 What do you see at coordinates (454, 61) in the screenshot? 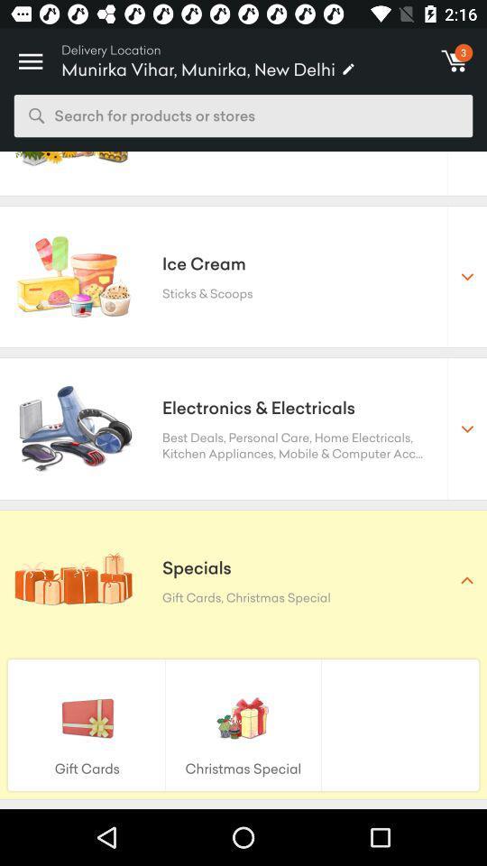
I see `cart icon below time` at bounding box center [454, 61].